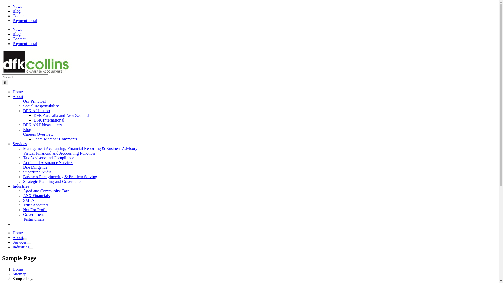  I want to click on 'Team Member Comments', so click(55, 139).